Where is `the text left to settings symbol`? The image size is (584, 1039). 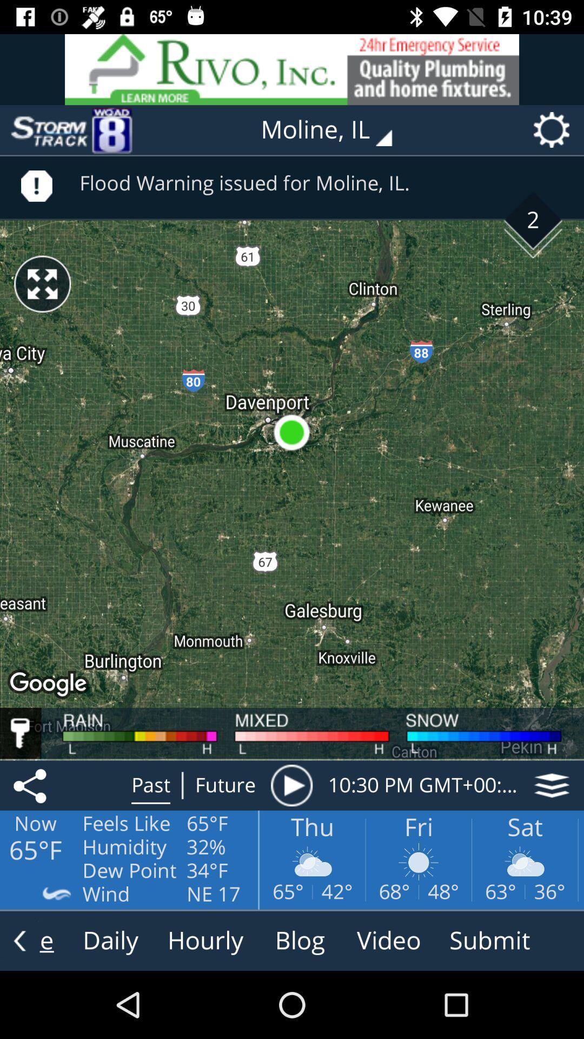 the text left to settings symbol is located at coordinates (334, 130).